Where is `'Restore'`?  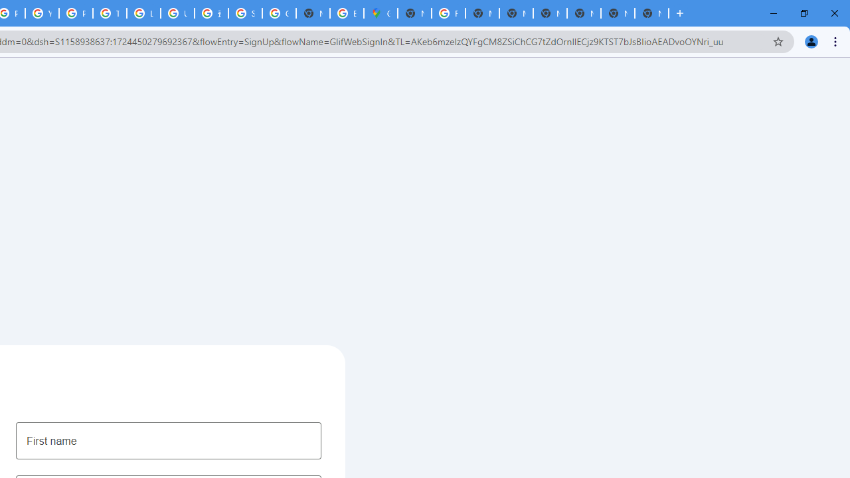
'Restore' is located at coordinates (803, 13).